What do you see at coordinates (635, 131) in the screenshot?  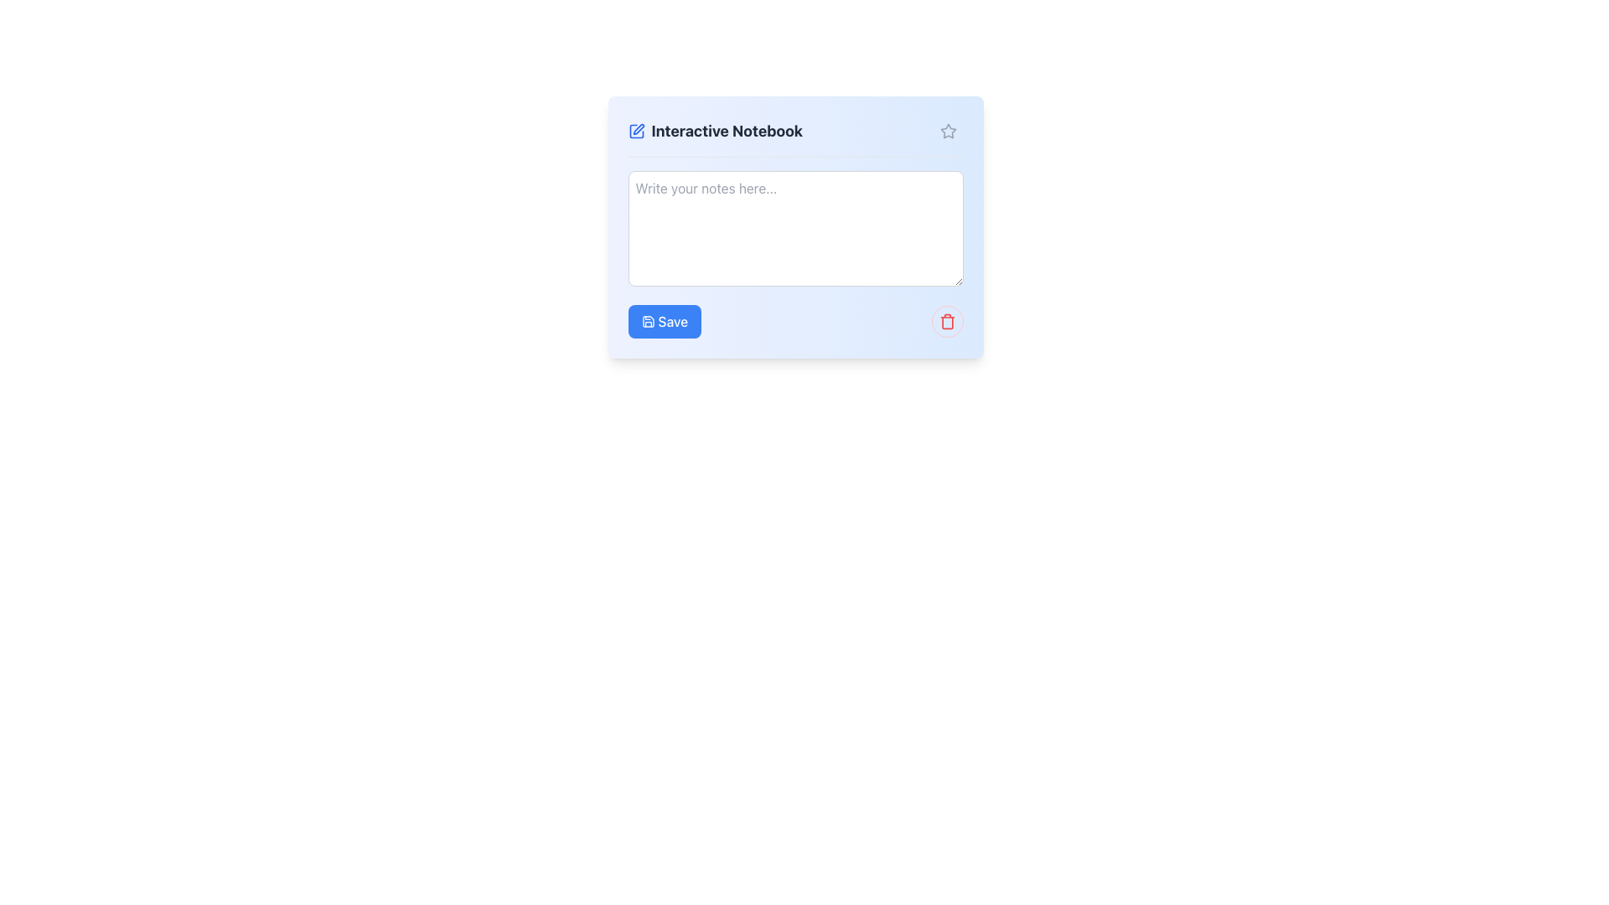 I see `the blue pen icon located to the left of the 'Interactive Notebook' title` at bounding box center [635, 131].